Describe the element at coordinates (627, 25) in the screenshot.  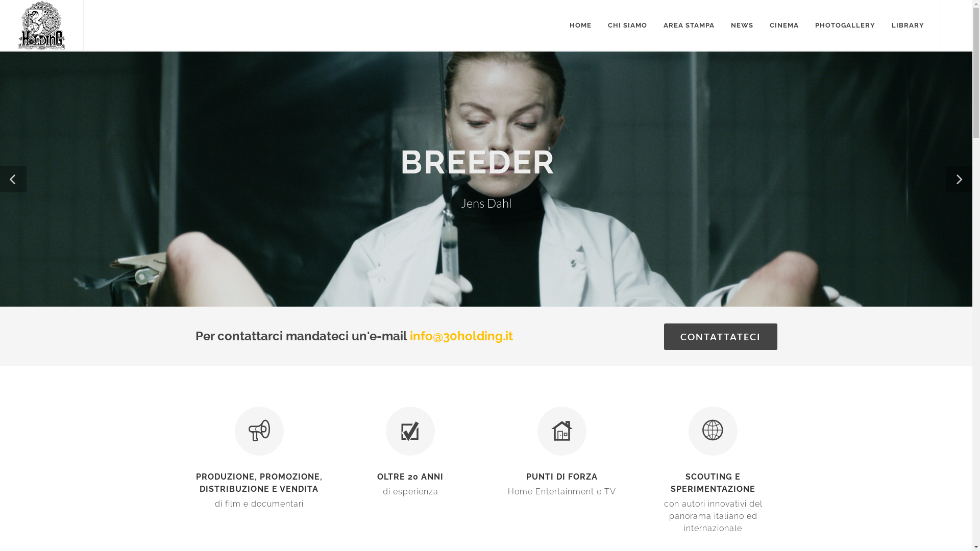
I see `'CHI SIAMO'` at that location.